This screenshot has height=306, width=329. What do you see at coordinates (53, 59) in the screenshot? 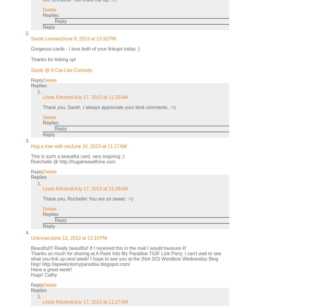
I see `'Thanks for linking up!'` at bounding box center [53, 59].